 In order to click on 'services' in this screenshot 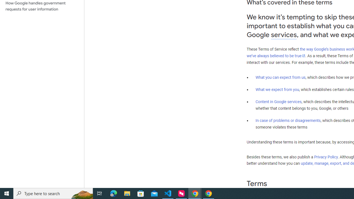, I will do `click(284, 35)`.